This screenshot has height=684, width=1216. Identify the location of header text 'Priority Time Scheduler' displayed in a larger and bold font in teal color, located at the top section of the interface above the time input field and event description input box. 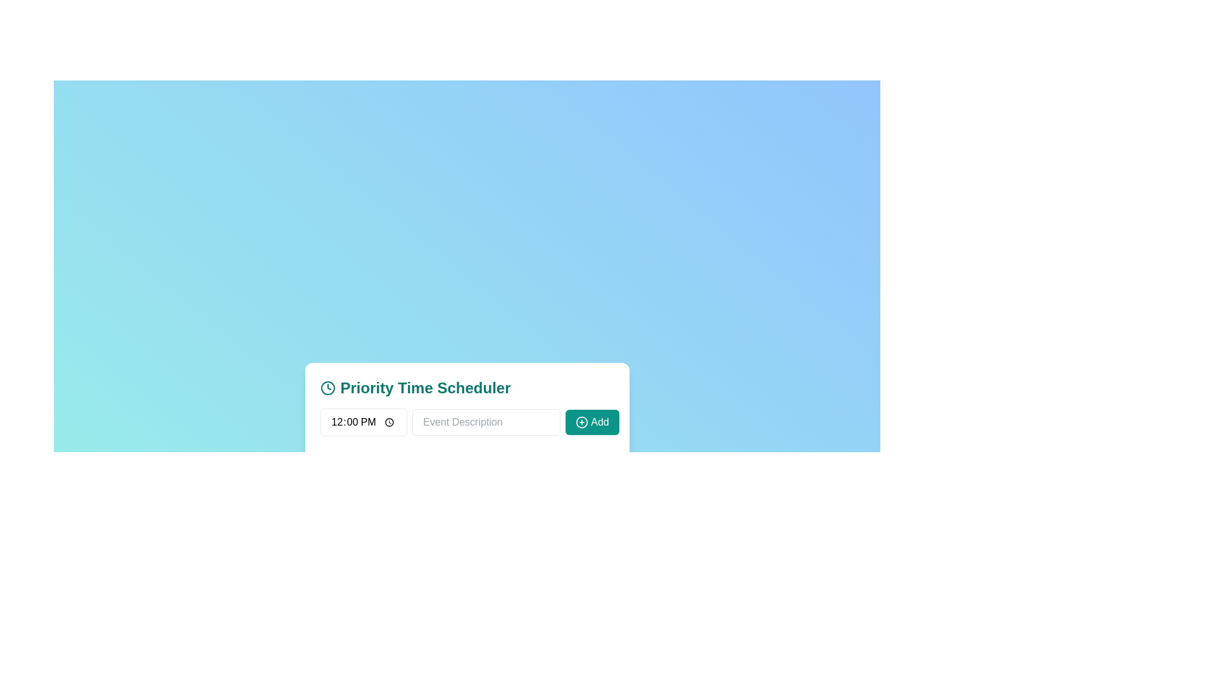
(466, 388).